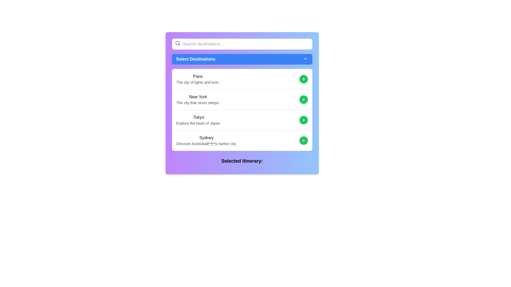 This screenshot has height=287, width=511. What do you see at coordinates (242, 161) in the screenshot?
I see `the label that indicates the selected itinerary items, located at the bottom of the interface, directly below the list of options like 'Paris', 'New York', 'Tokyo', and 'Sydney'` at bounding box center [242, 161].